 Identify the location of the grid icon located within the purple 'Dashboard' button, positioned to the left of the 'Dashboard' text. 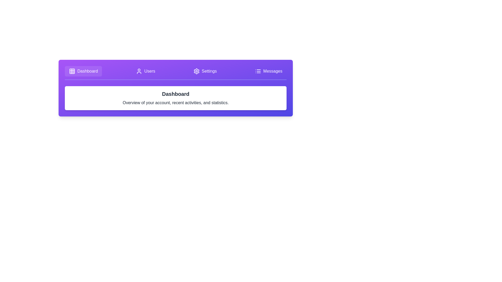
(72, 71).